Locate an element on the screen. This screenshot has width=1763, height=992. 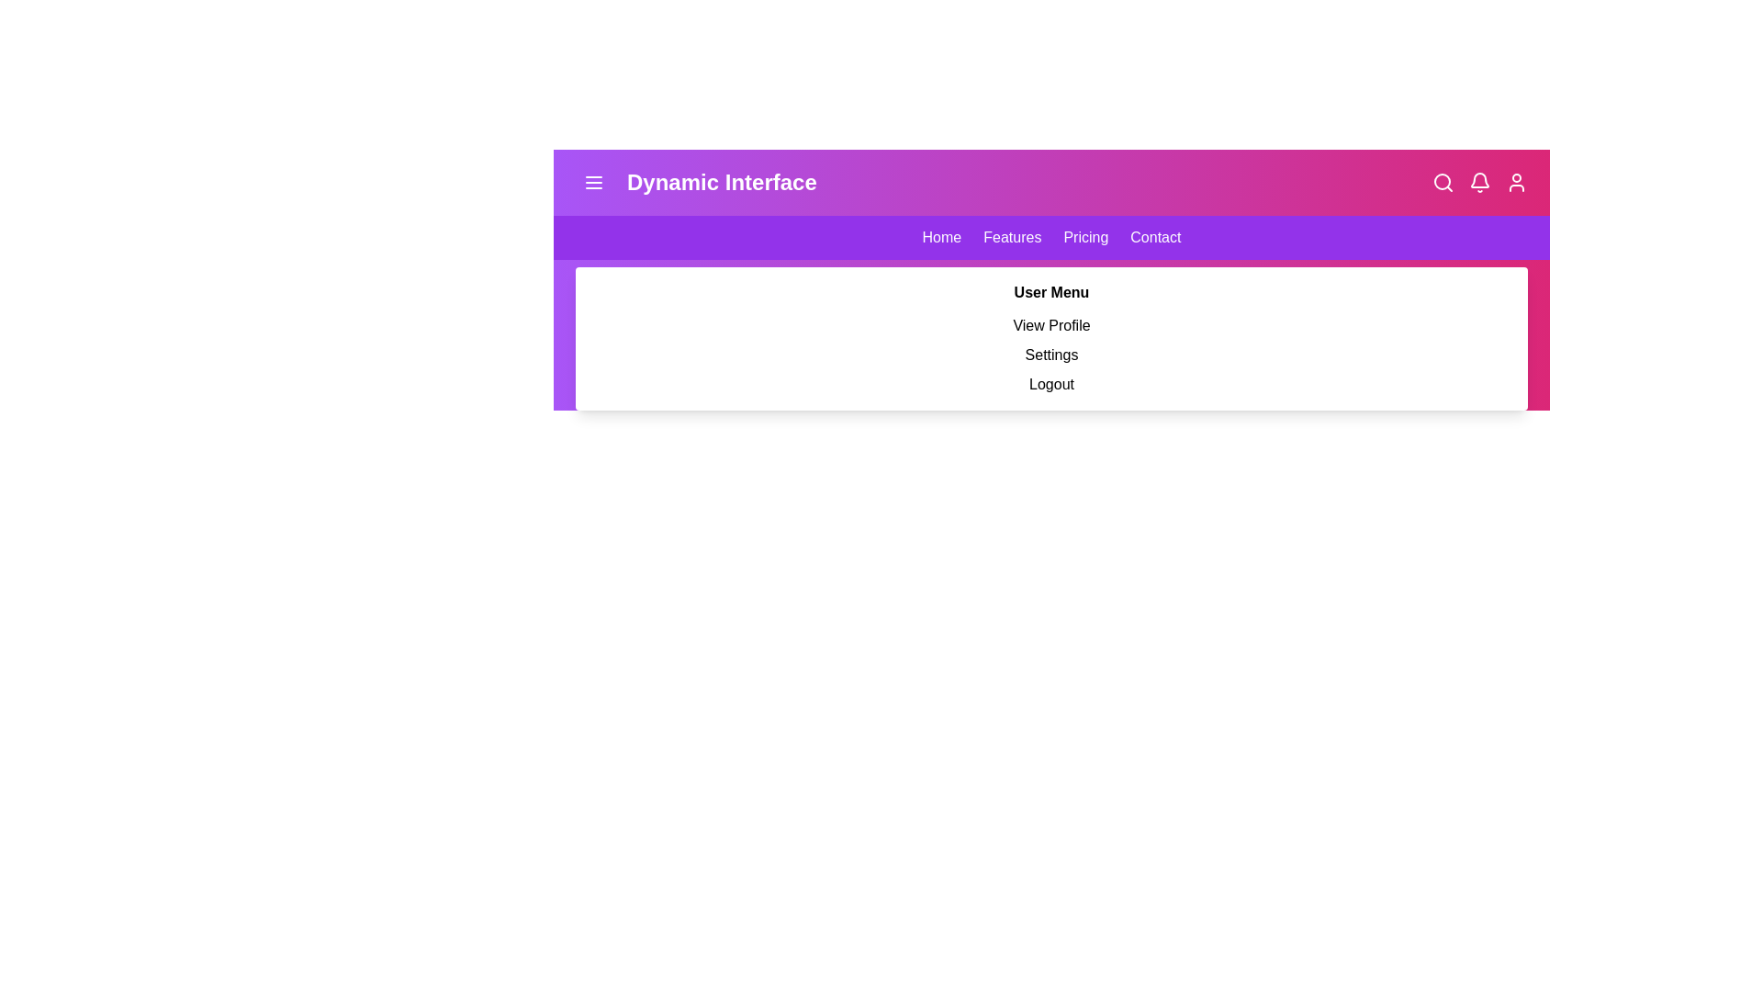
the menu button to toggle the navigation menu visibility is located at coordinates (594, 183).